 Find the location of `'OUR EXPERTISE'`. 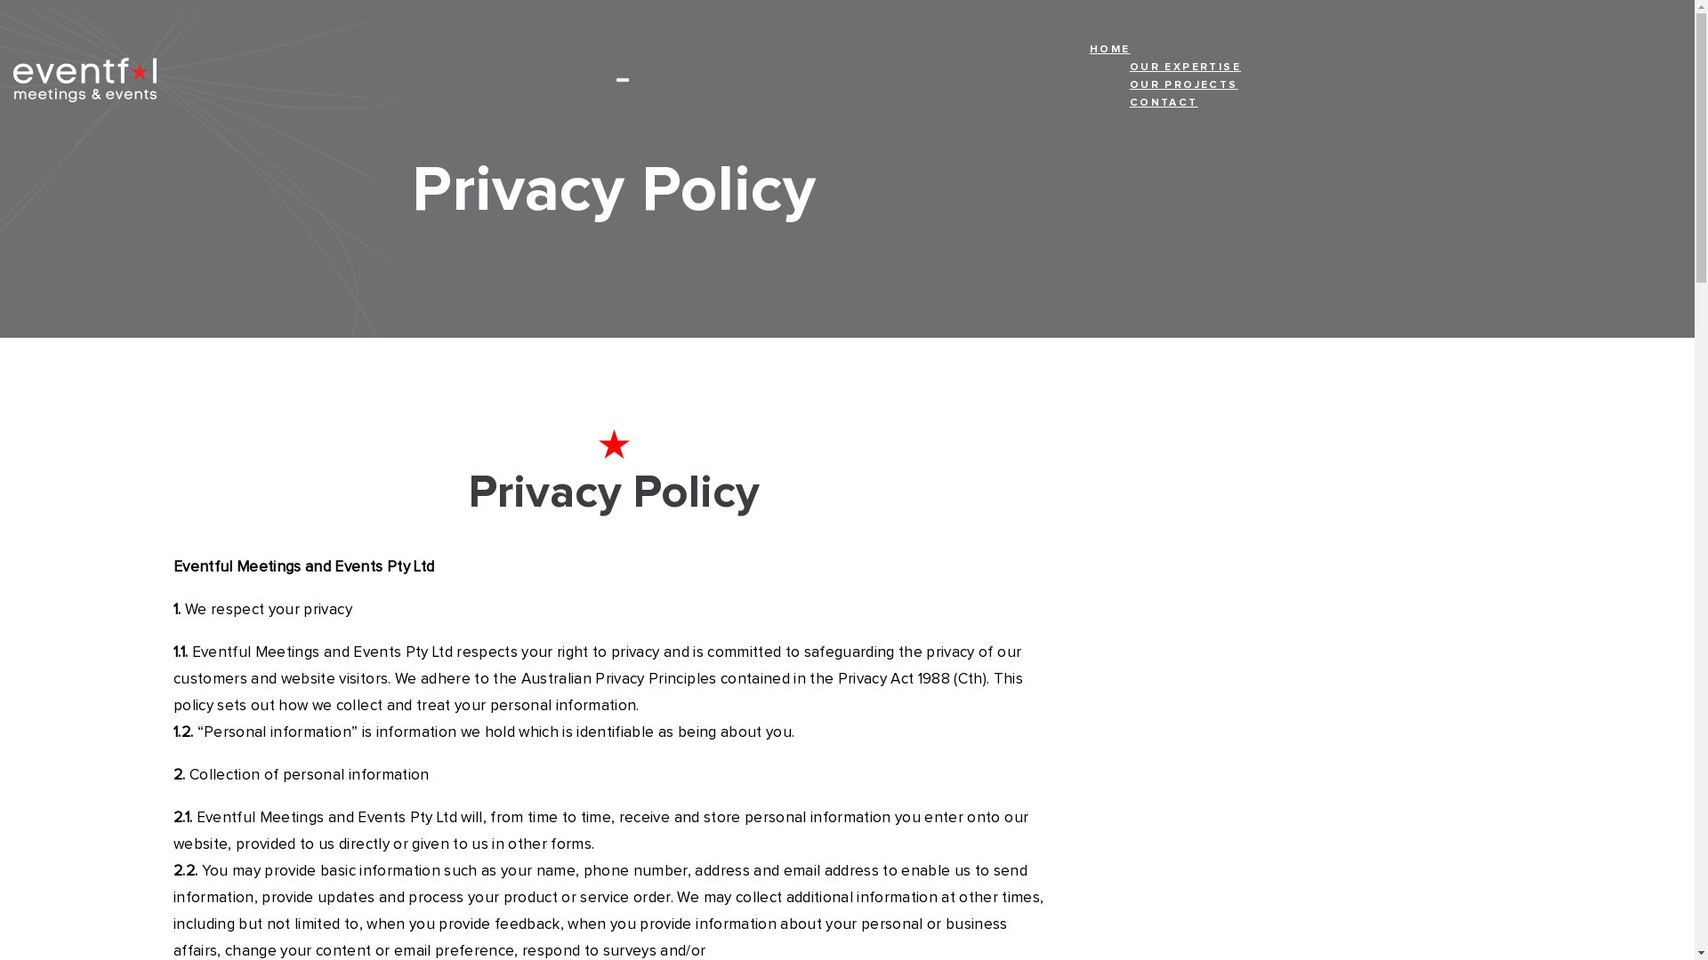

'OUR EXPERTISE' is located at coordinates (1185, 70).